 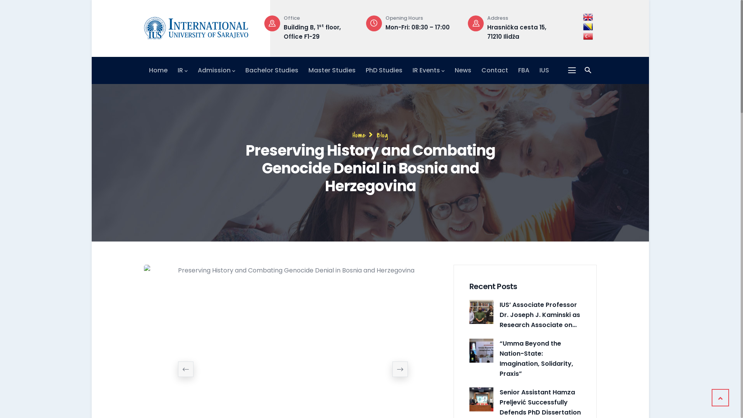 What do you see at coordinates (272, 70) in the screenshot?
I see `'Bachelor Studies'` at bounding box center [272, 70].